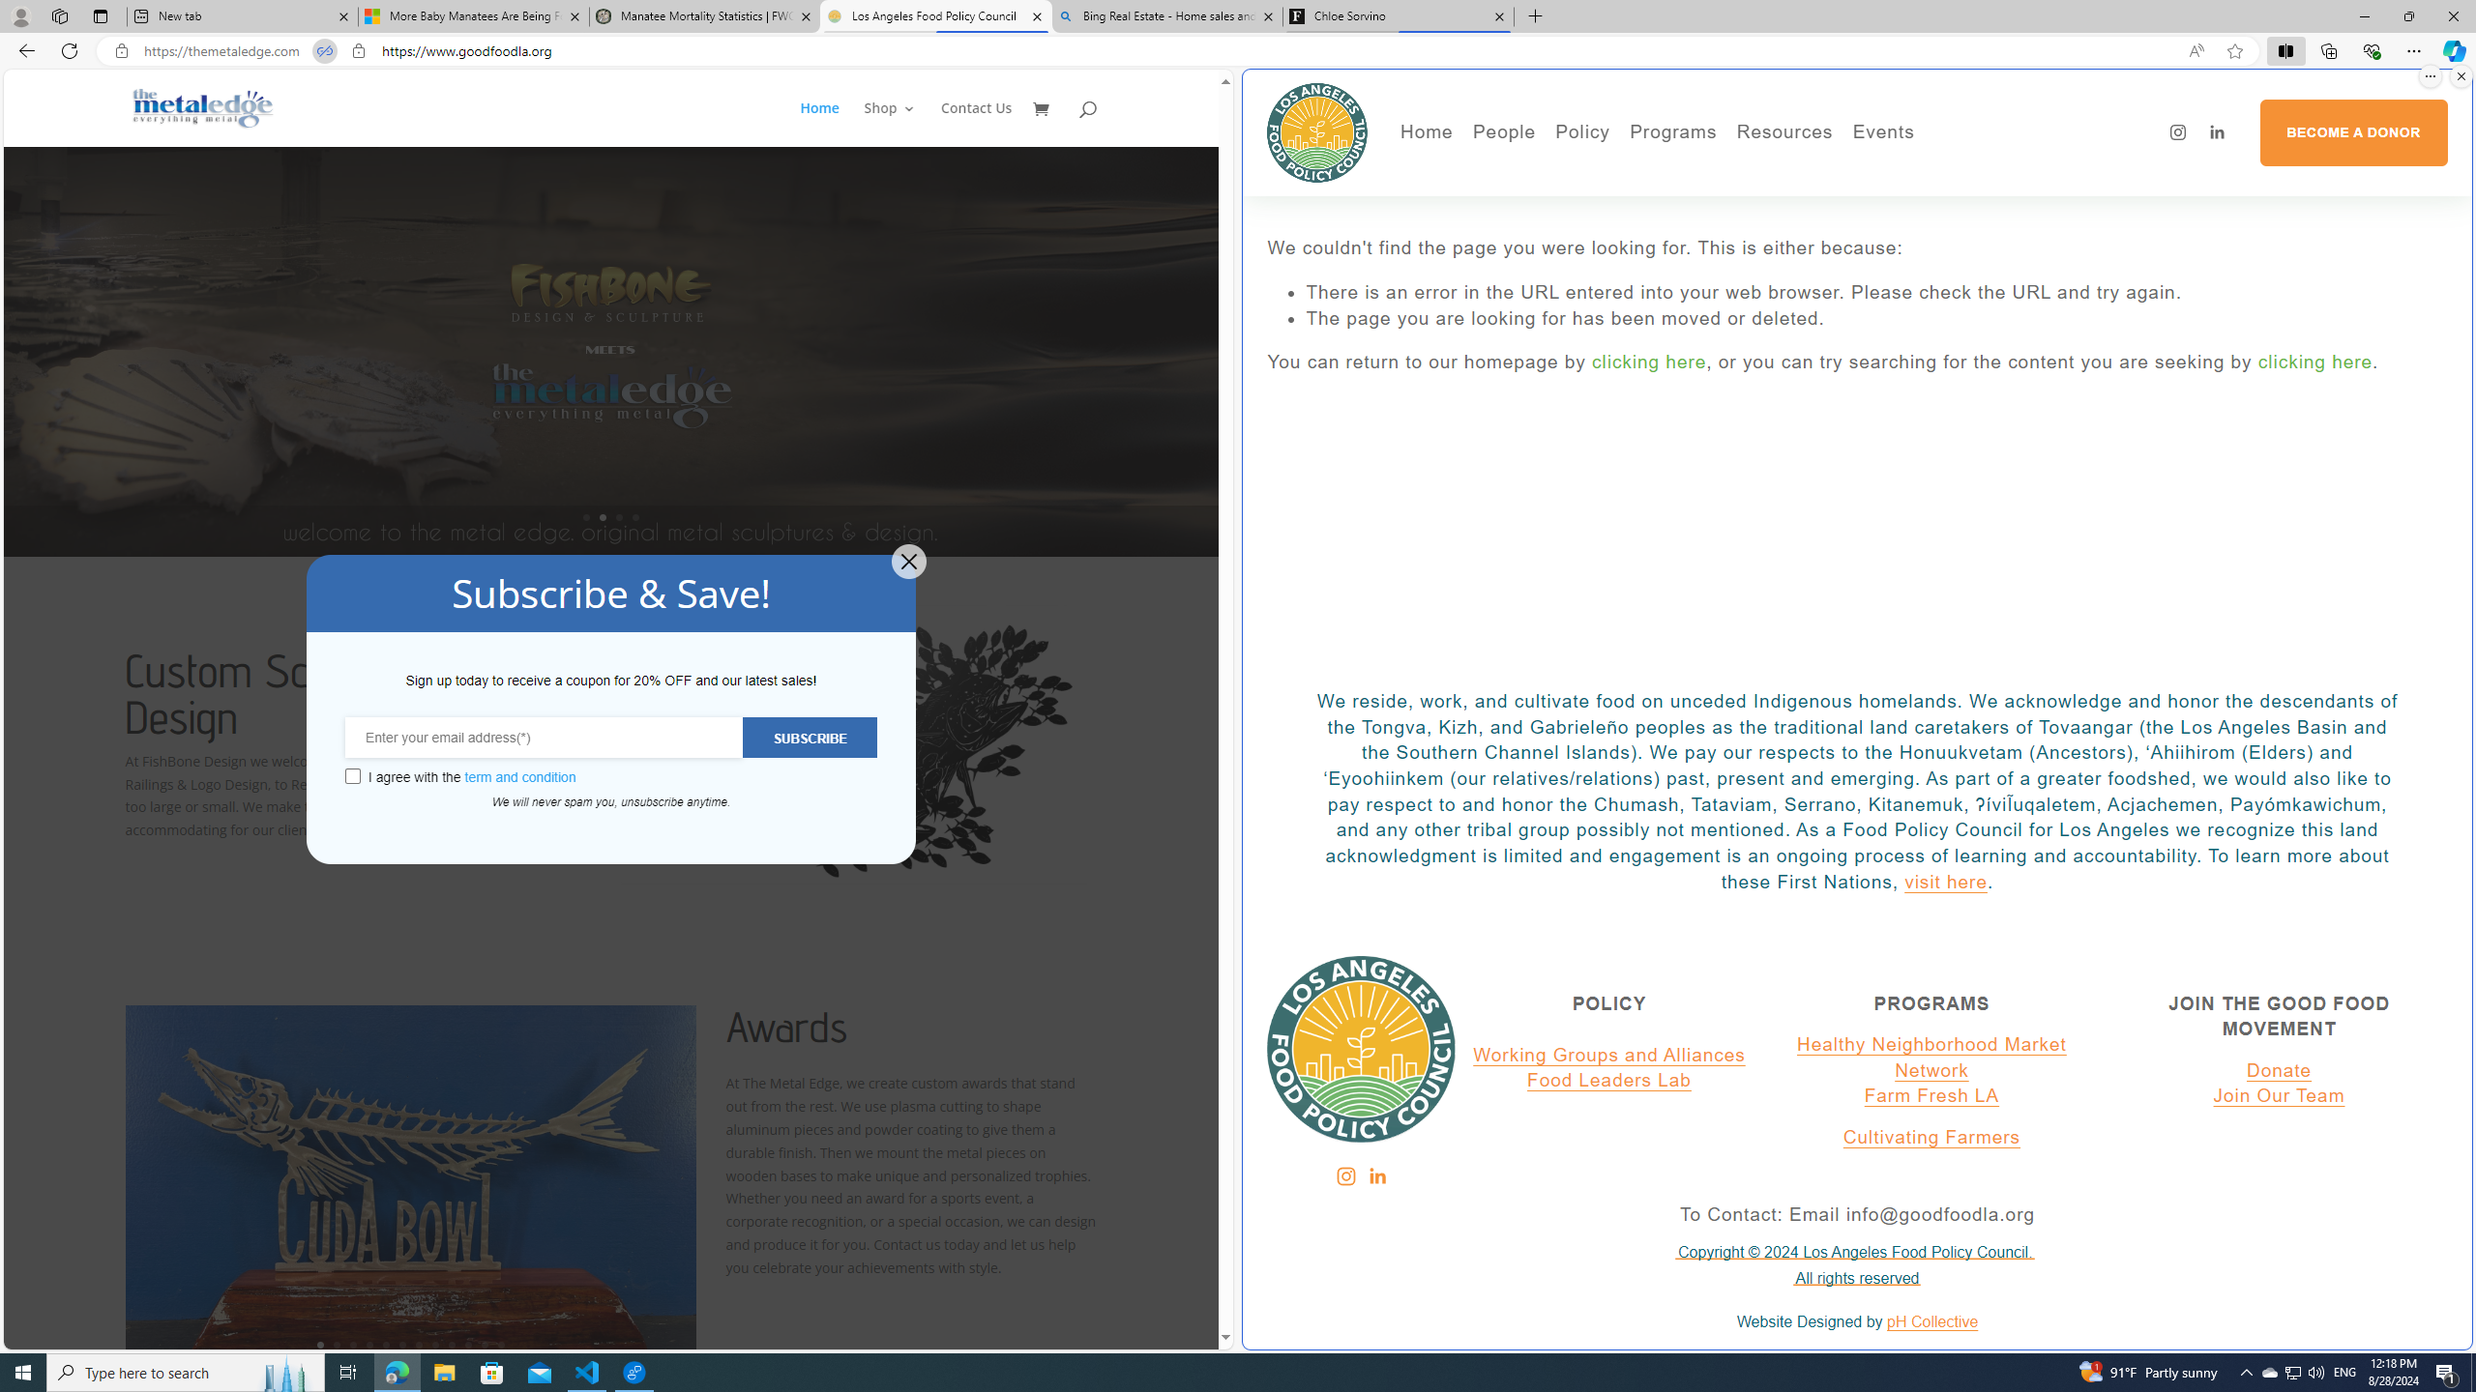 The height and width of the screenshot is (1392, 2476). What do you see at coordinates (1931, 1095) in the screenshot?
I see `'Farm Fresh LA'` at bounding box center [1931, 1095].